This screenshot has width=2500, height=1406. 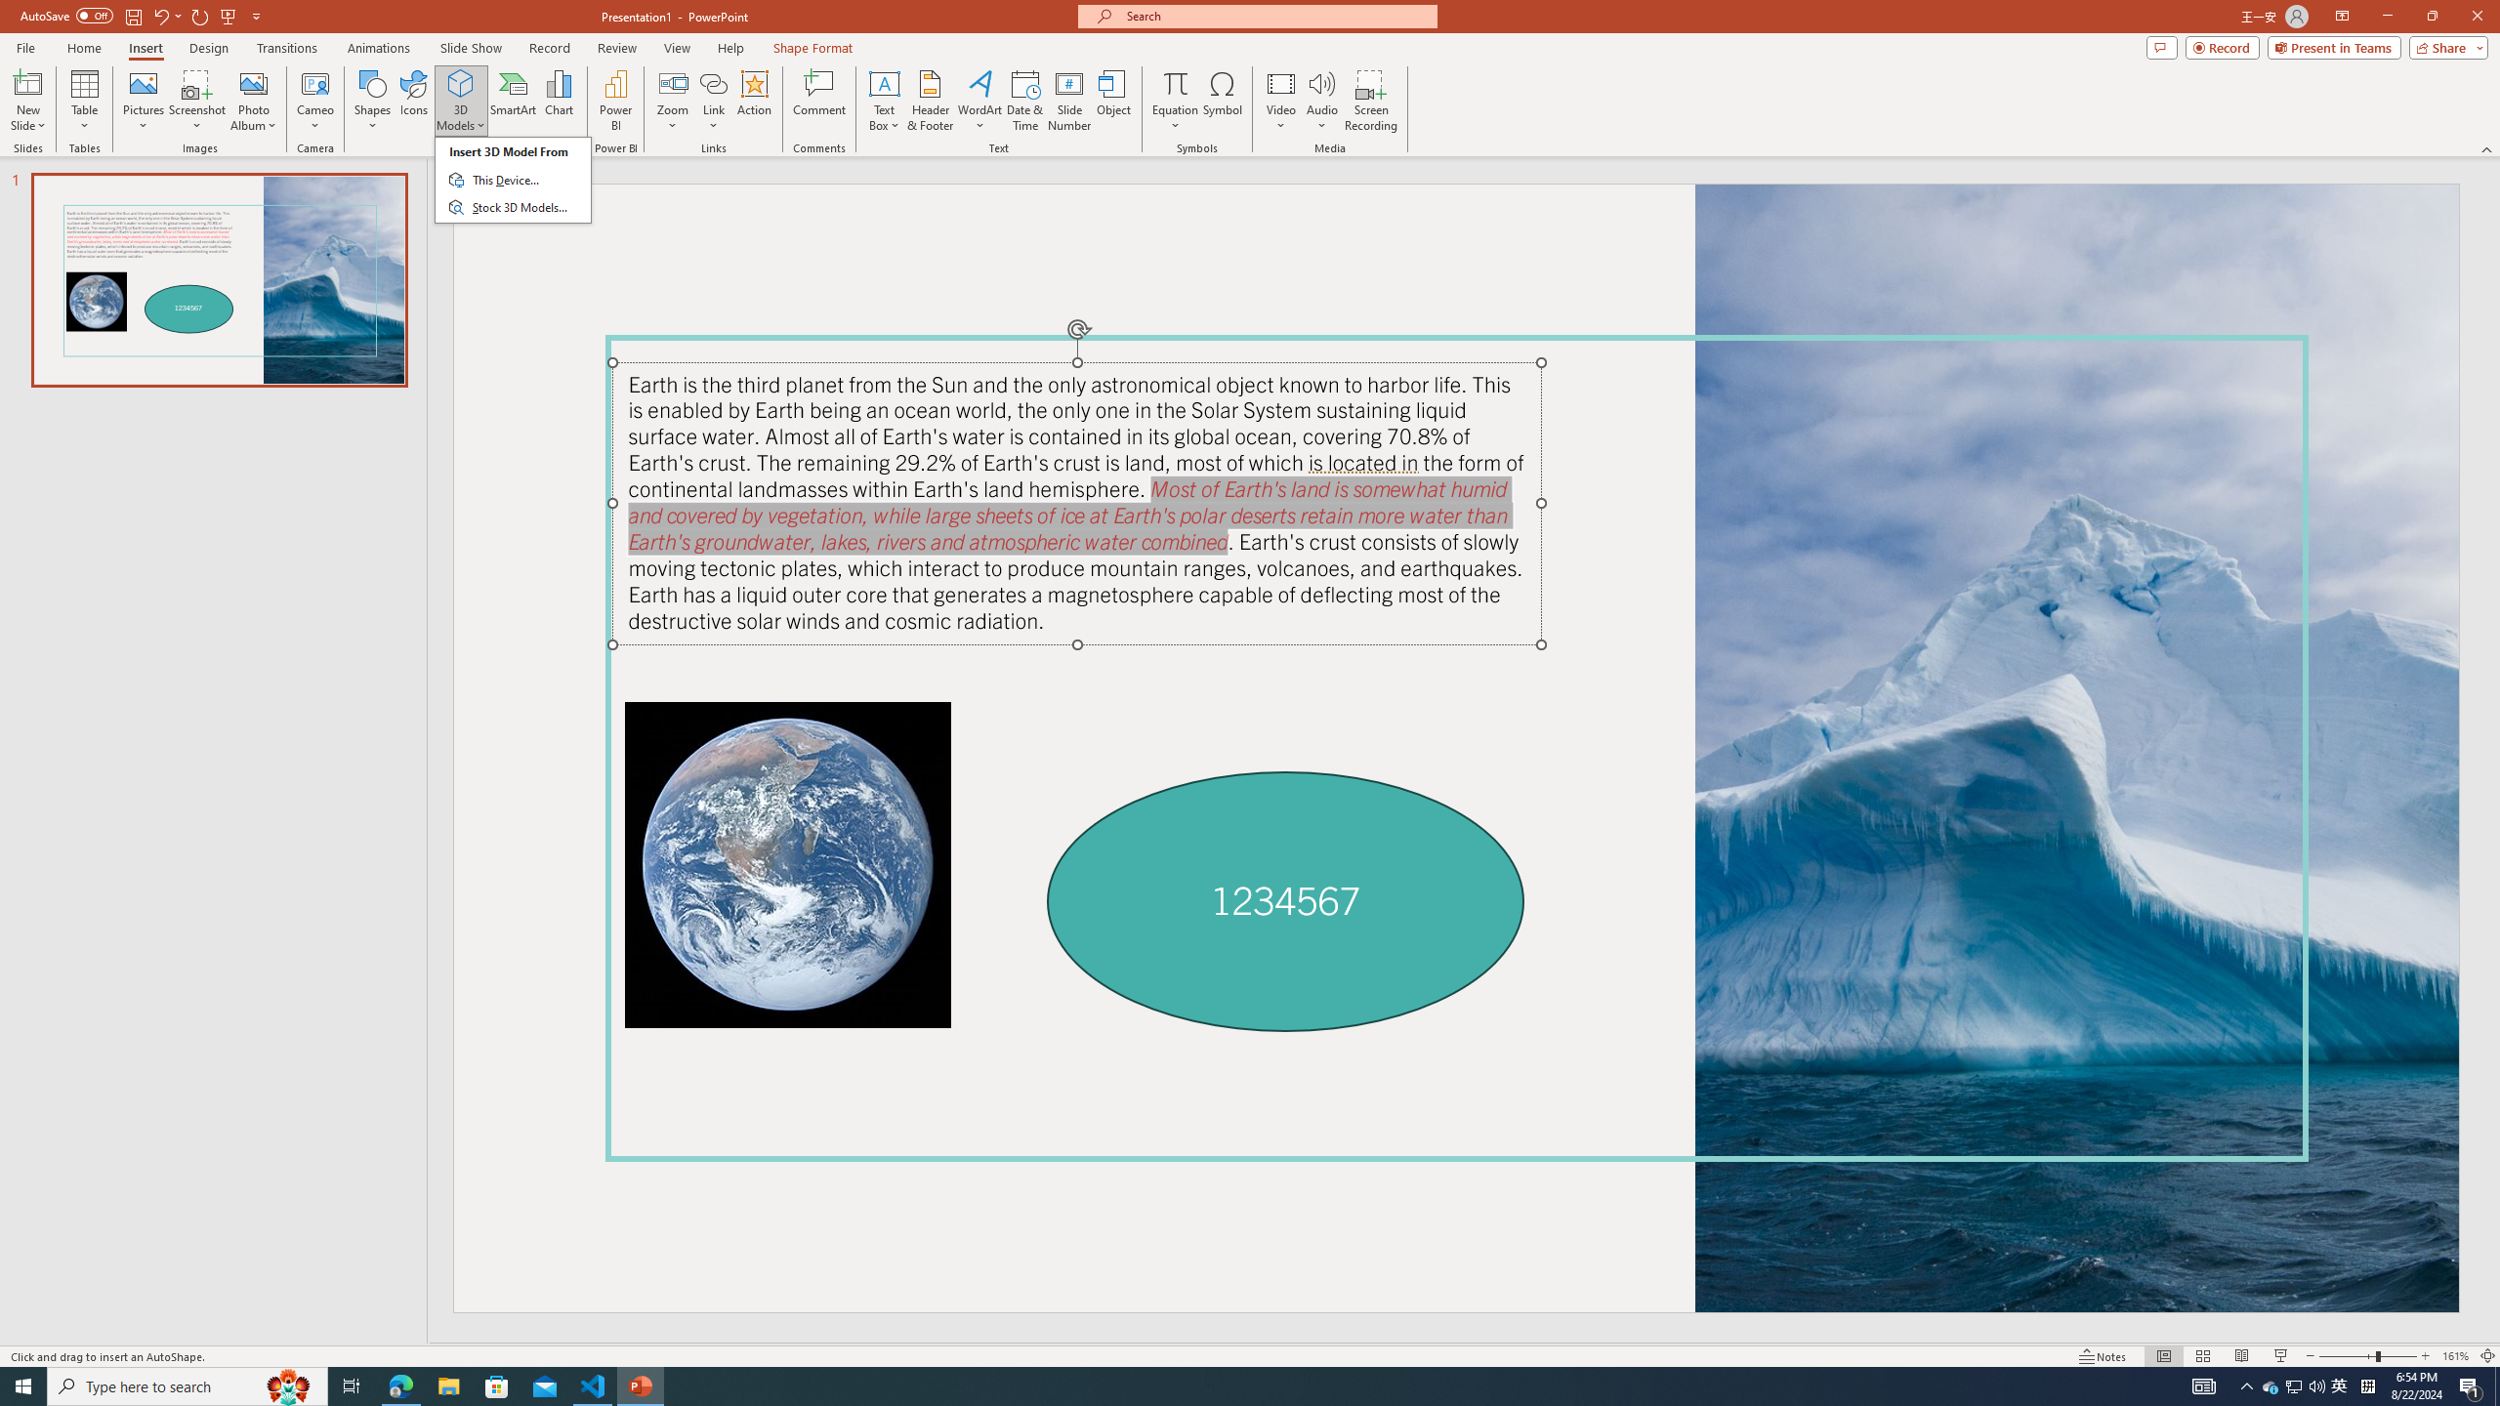 What do you see at coordinates (559, 101) in the screenshot?
I see `'Chart...'` at bounding box center [559, 101].